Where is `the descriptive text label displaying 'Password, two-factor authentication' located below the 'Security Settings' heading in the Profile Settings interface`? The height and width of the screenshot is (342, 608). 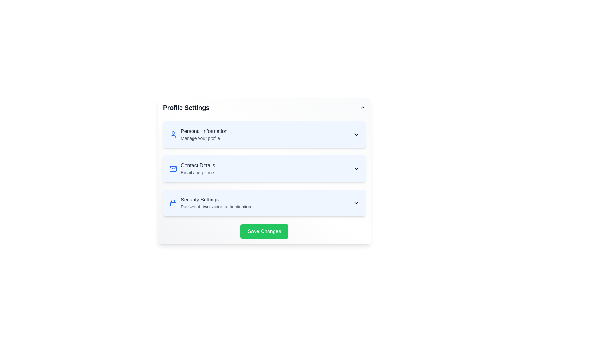
the descriptive text label displaying 'Password, two-factor authentication' located below the 'Security Settings' heading in the Profile Settings interface is located at coordinates (216, 206).